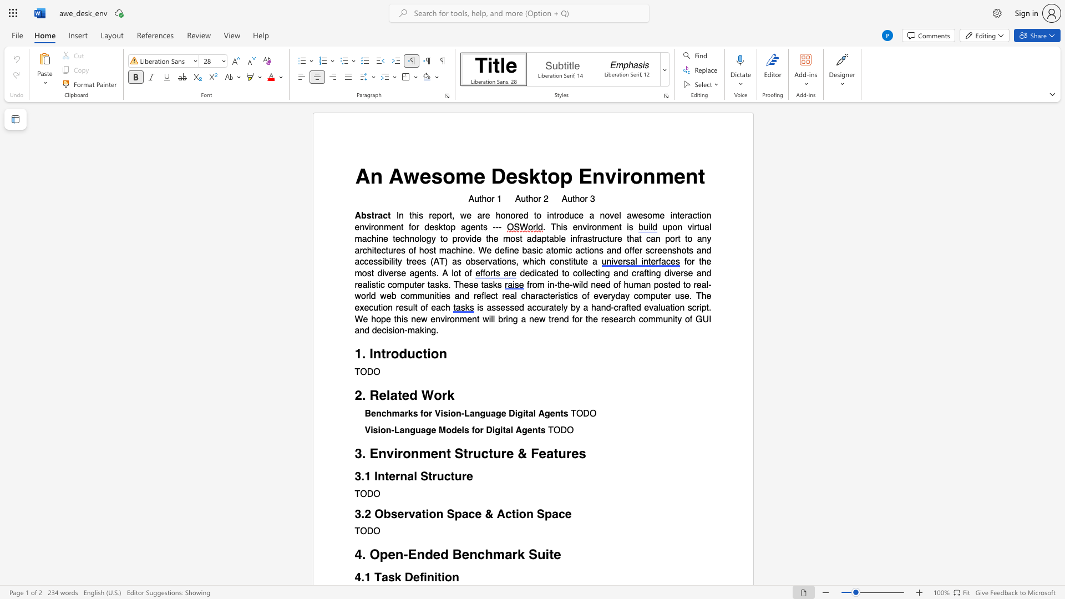 The image size is (1065, 599). What do you see at coordinates (554, 262) in the screenshot?
I see `the subset text "onst" within the text "constitute"` at bounding box center [554, 262].